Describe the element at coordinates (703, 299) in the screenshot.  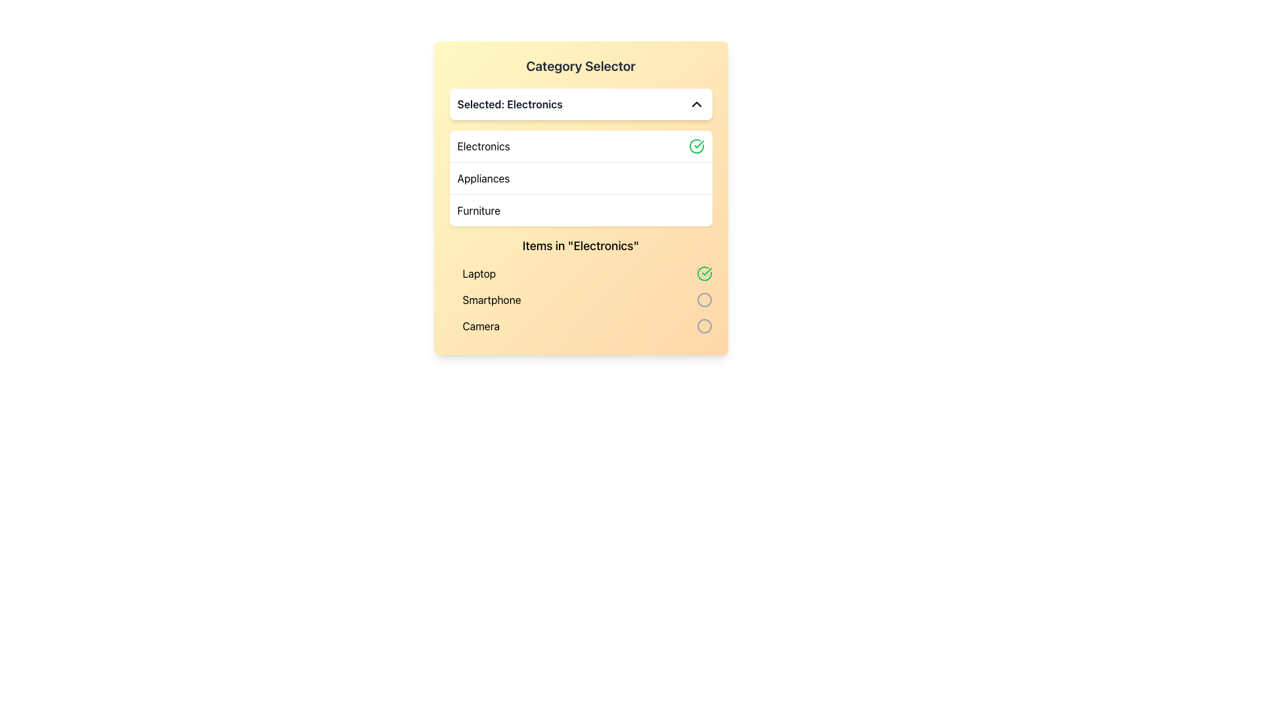
I see `the circular icon with a gray outline located to the right of the 'Smartphone' label in the second row of the 'Items in "Electronics"' section` at that location.